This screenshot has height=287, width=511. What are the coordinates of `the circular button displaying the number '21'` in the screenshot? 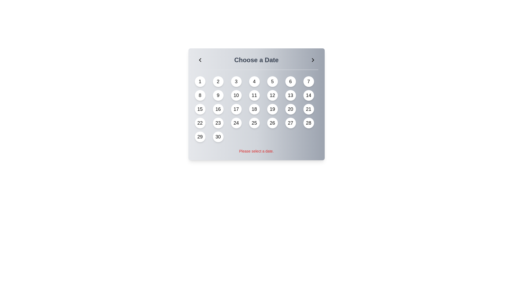 It's located at (308, 109).